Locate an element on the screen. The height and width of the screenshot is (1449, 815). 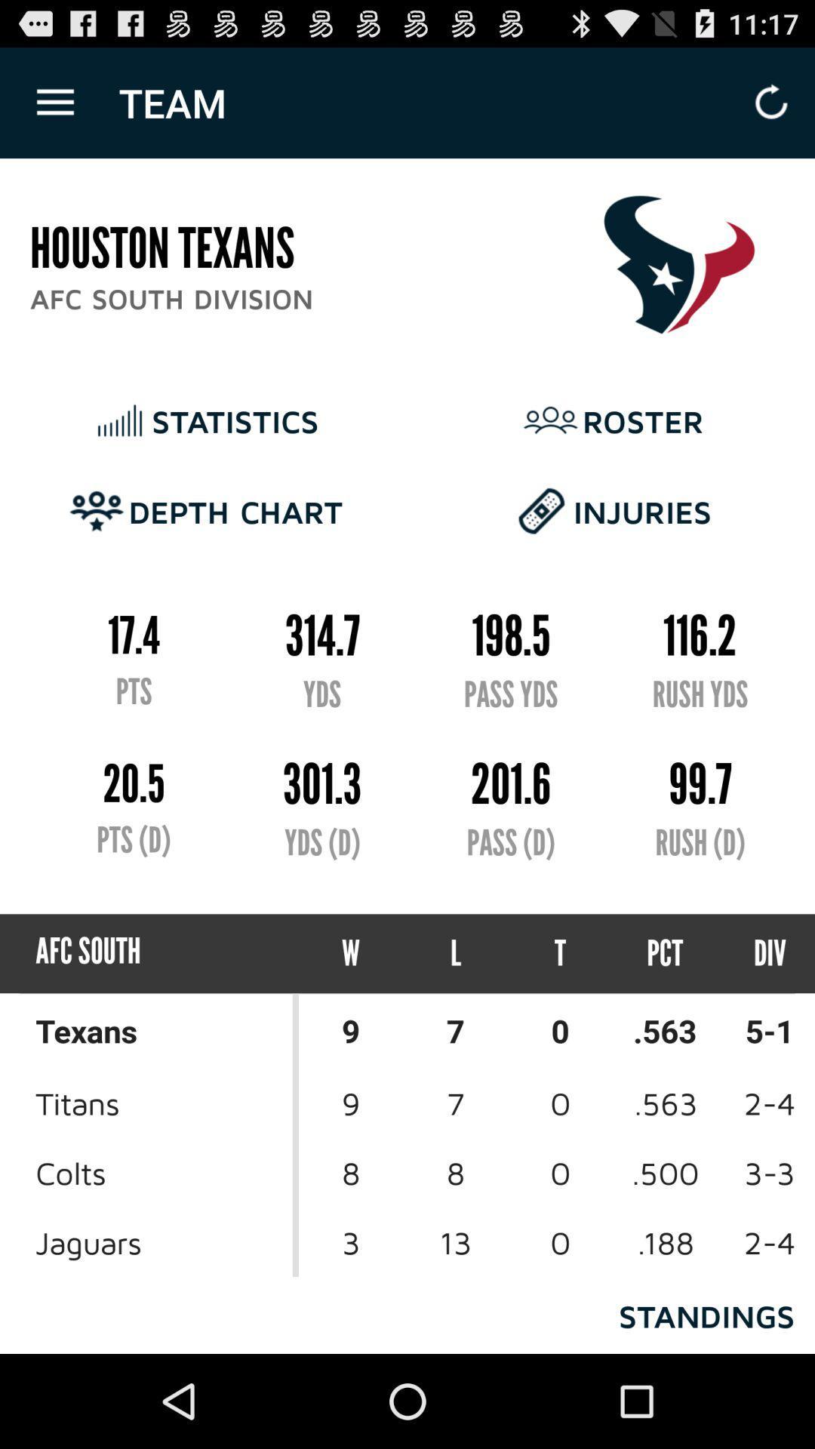
w is located at coordinates (351, 952).